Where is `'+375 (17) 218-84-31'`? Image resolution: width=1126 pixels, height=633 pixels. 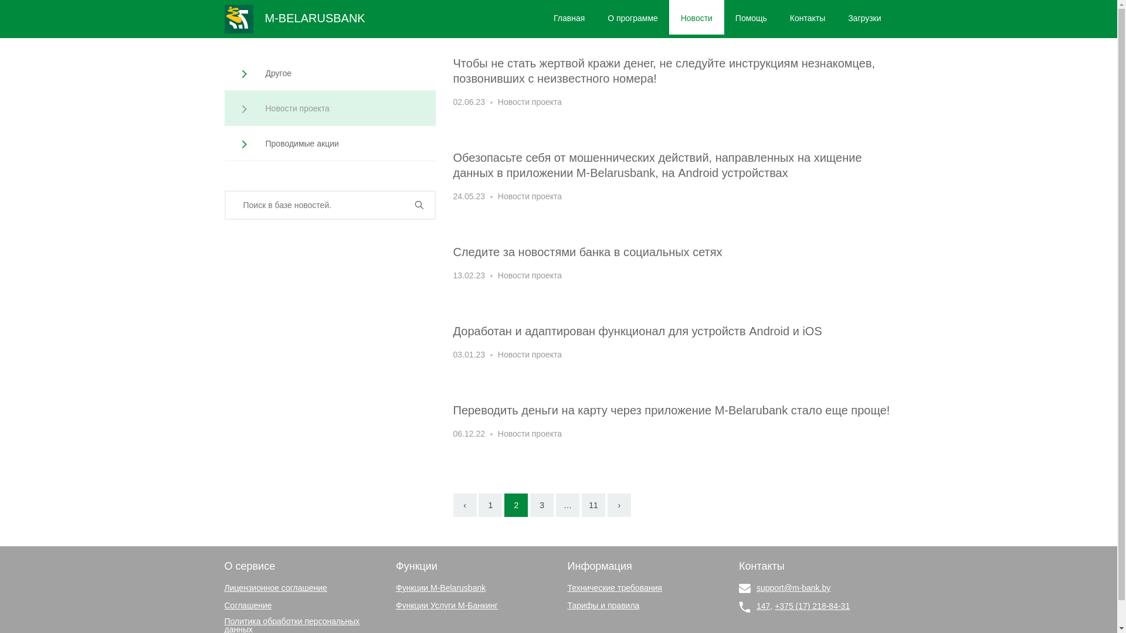
'+375 (17) 218-84-31' is located at coordinates (812, 605).